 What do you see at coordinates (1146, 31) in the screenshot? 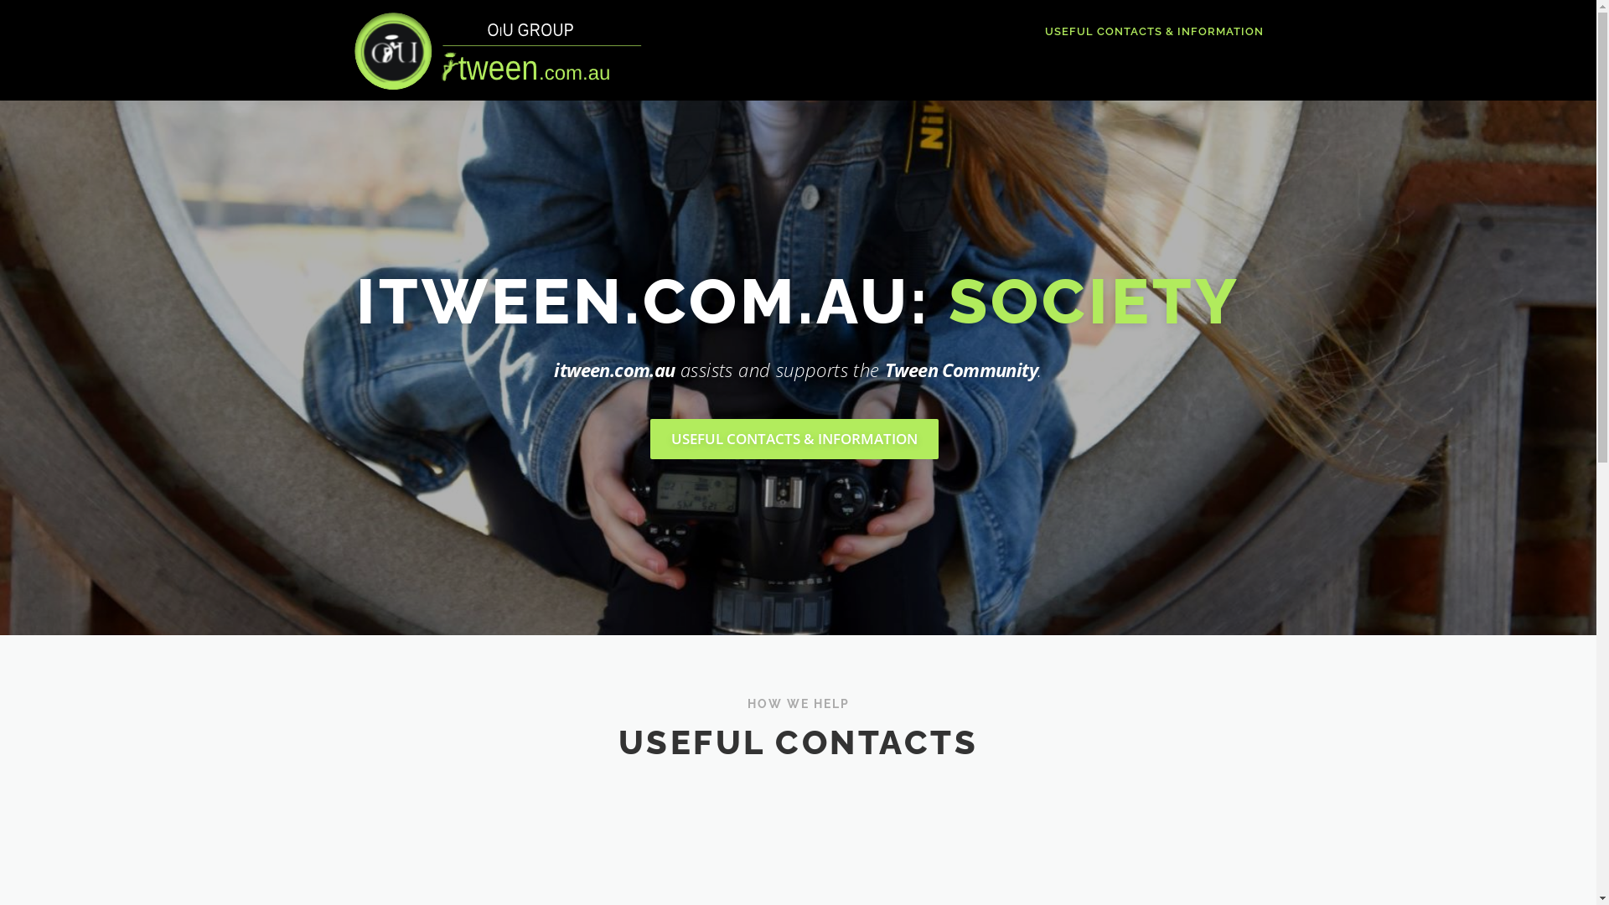
I see `'USEFUL CONTACTS & INFORMATION'` at bounding box center [1146, 31].